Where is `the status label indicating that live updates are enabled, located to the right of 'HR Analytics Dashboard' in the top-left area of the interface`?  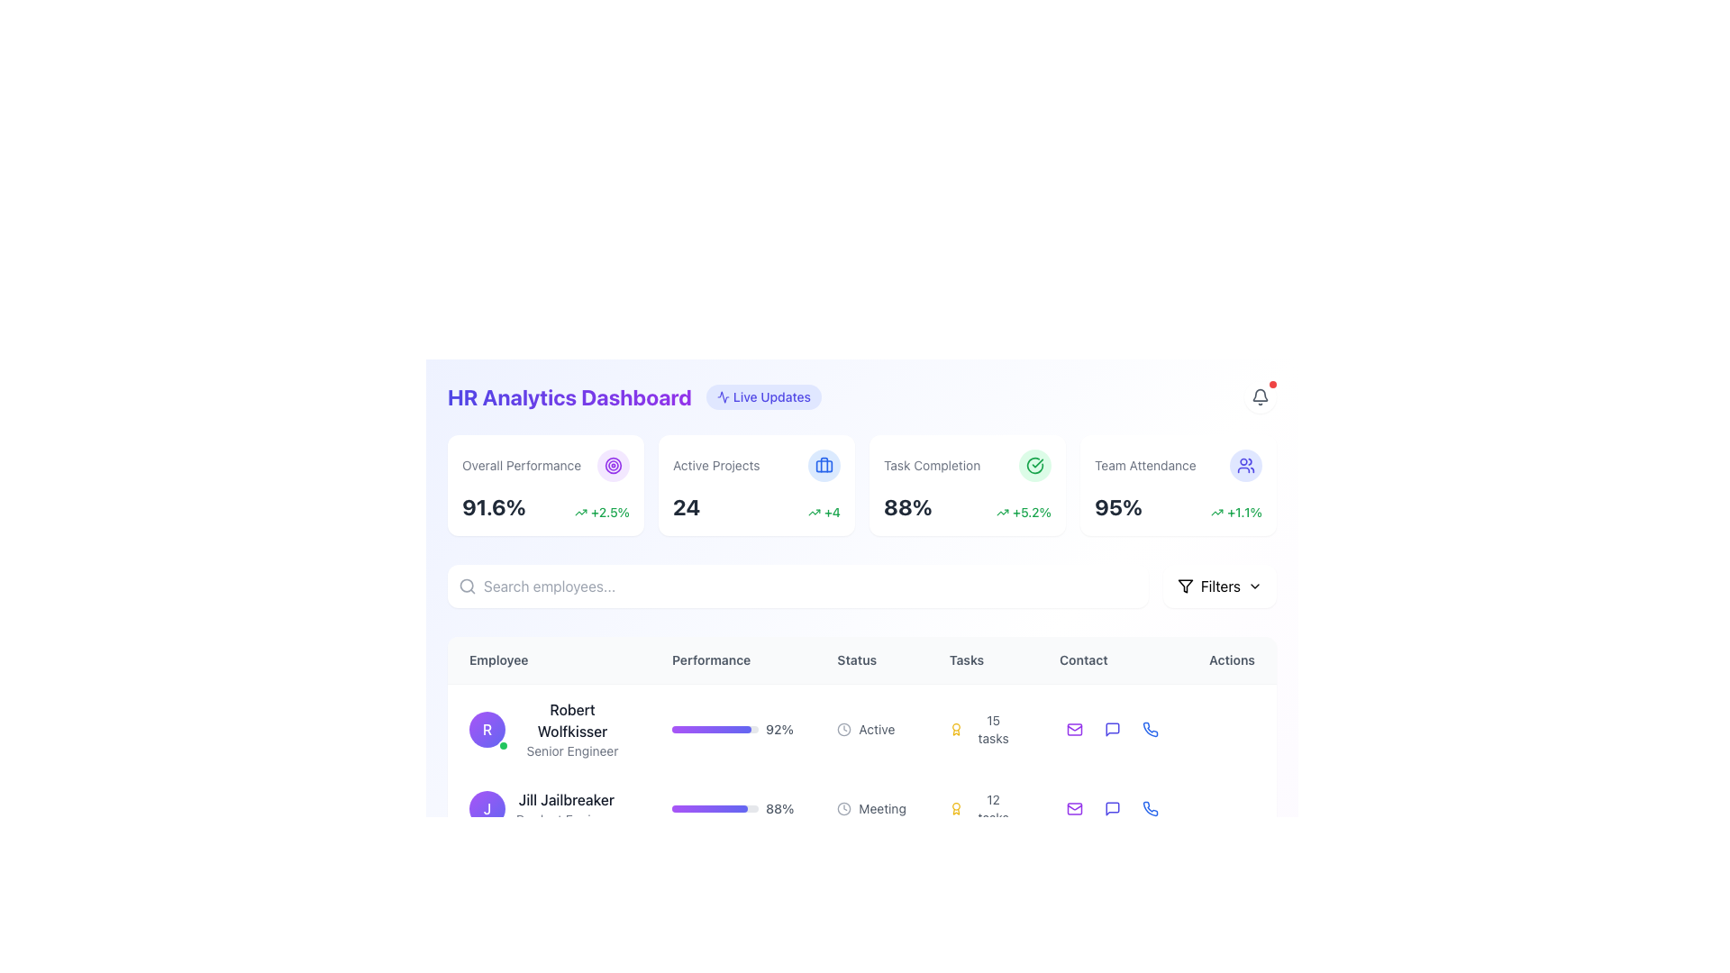 the status label indicating that live updates are enabled, located to the right of 'HR Analytics Dashboard' in the top-left area of the interface is located at coordinates (764, 396).